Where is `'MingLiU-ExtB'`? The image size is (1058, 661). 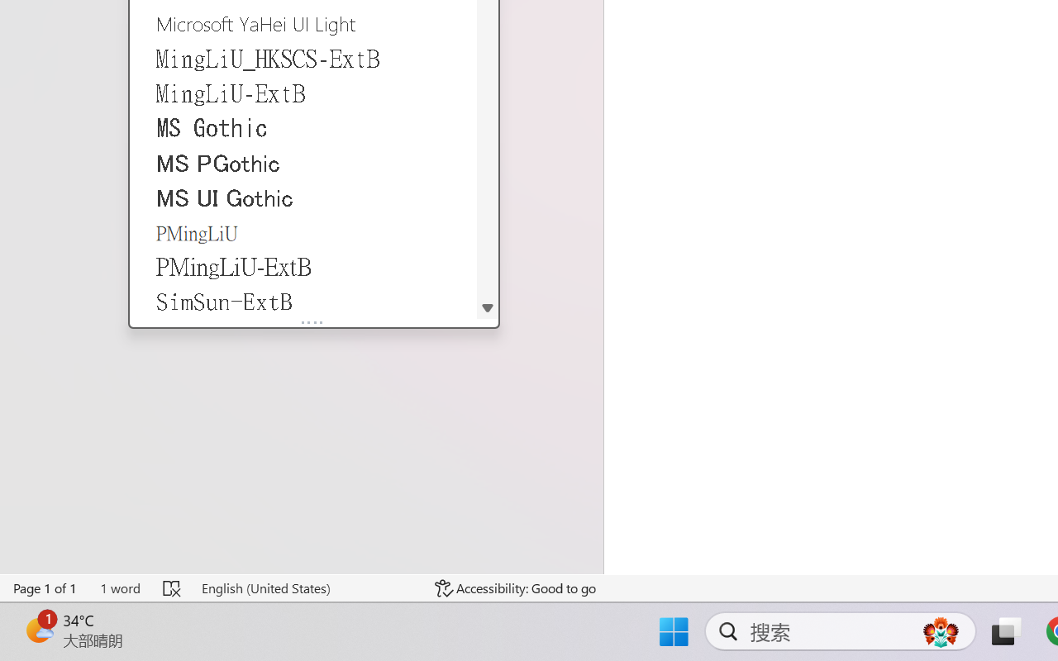
'MingLiU-ExtB' is located at coordinates (303, 93).